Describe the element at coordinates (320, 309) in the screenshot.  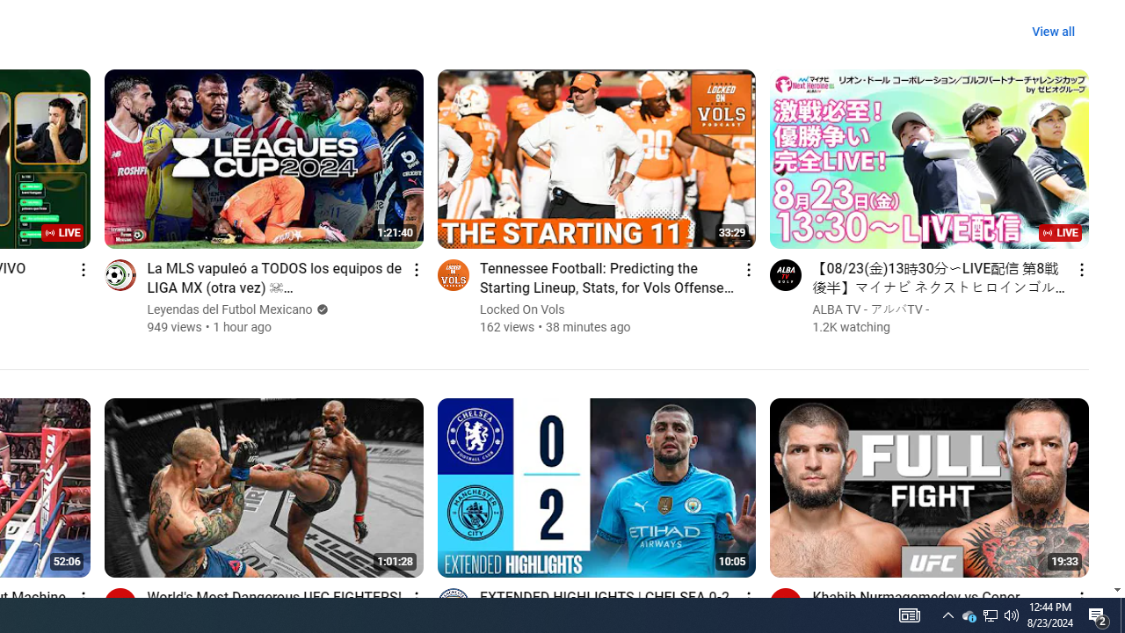
I see `'Verified'` at that location.